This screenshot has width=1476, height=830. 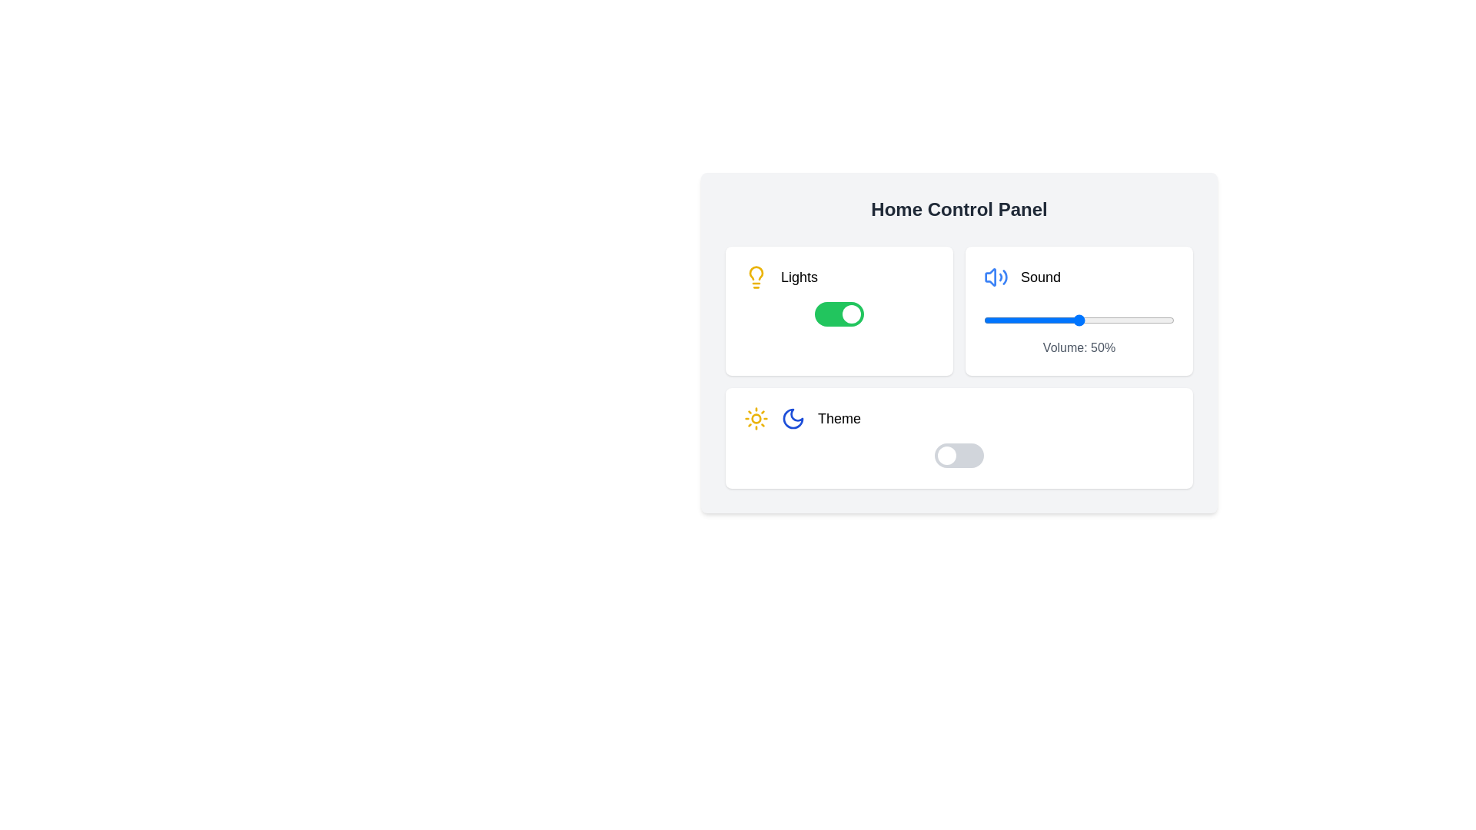 I want to click on the 'Night Mode' icon located in the 'Theme' section, which is the third component in the row, positioned between the sun icon and the text label, so click(x=793, y=418).